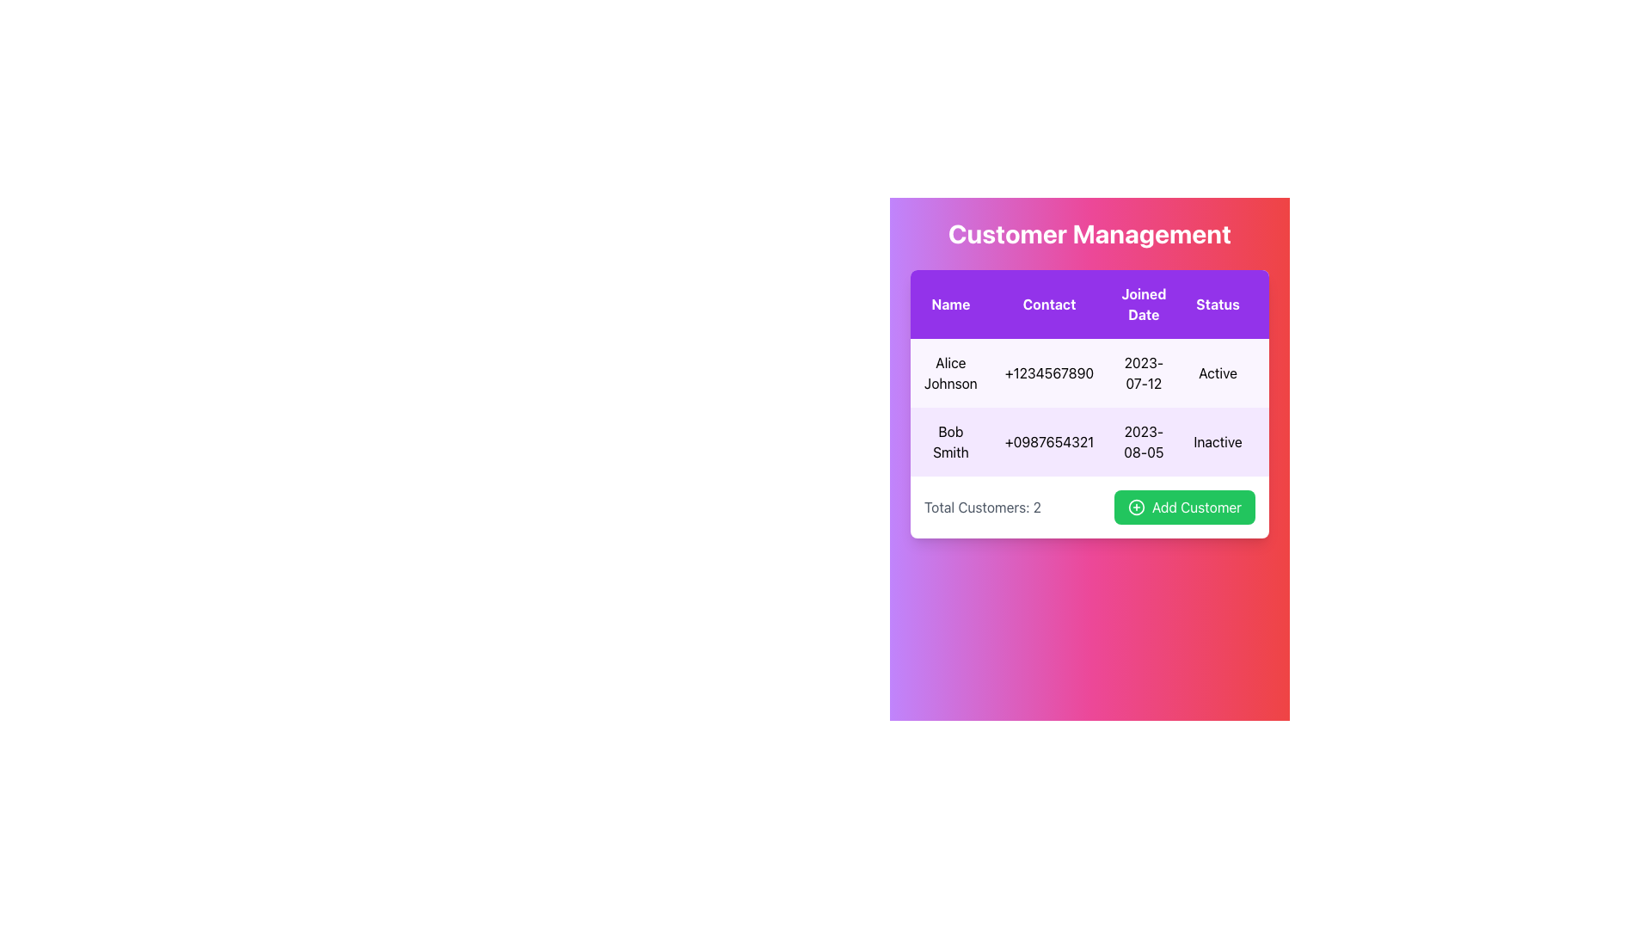 Image resolution: width=1651 pixels, height=929 pixels. What do you see at coordinates (1144, 304) in the screenshot?
I see `the 'Joined Date' column header in the 'Customer Management' table` at bounding box center [1144, 304].